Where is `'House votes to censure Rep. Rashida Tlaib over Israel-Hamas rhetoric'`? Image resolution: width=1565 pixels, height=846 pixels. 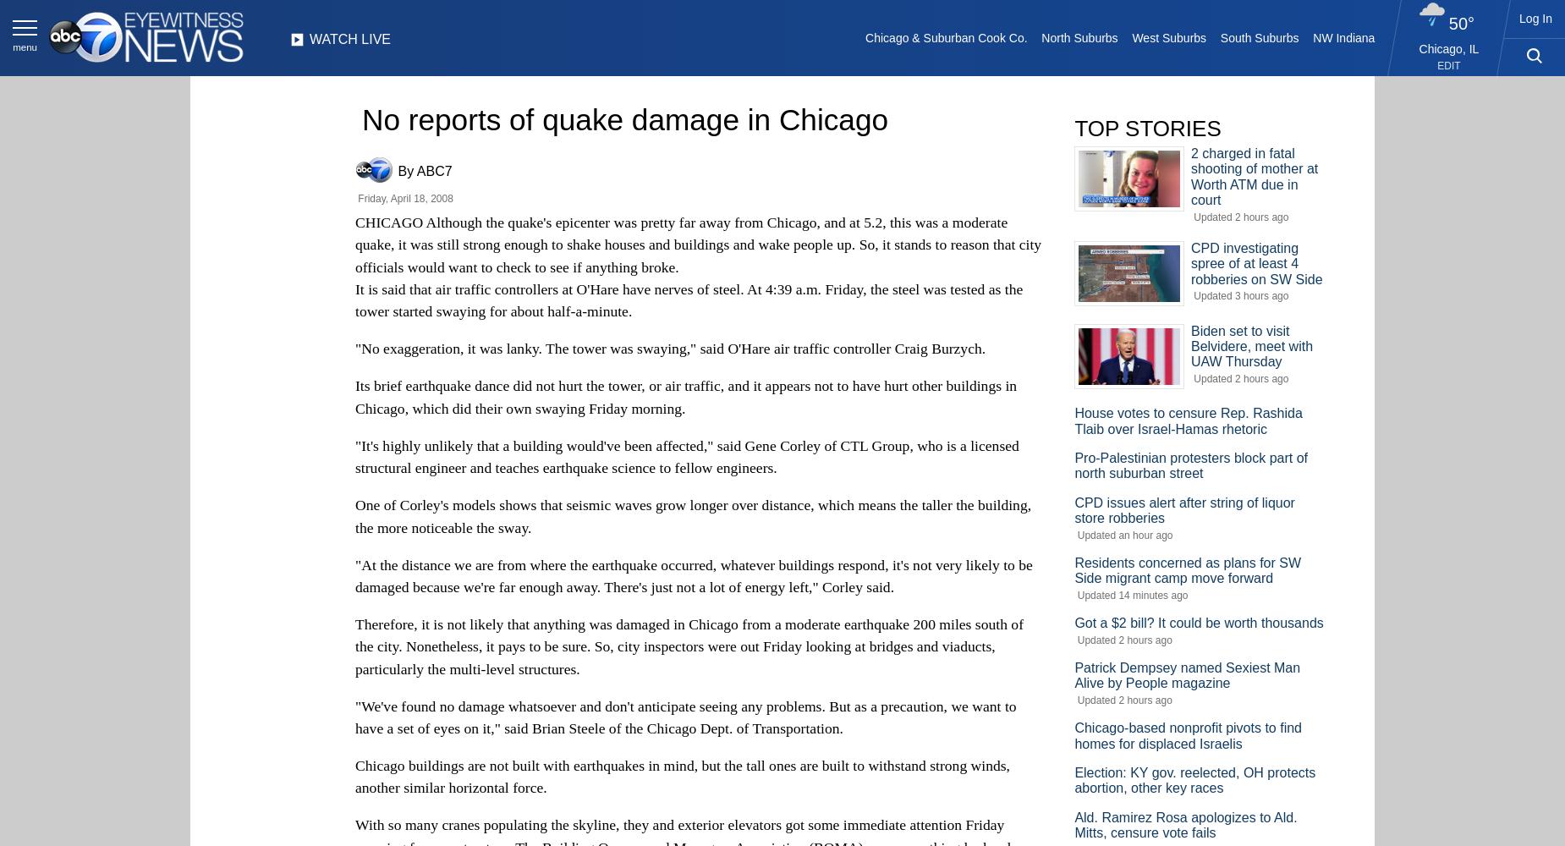
'House votes to censure Rep. Rashida Tlaib over Israel-Hamas rhetoric' is located at coordinates (1188, 420).